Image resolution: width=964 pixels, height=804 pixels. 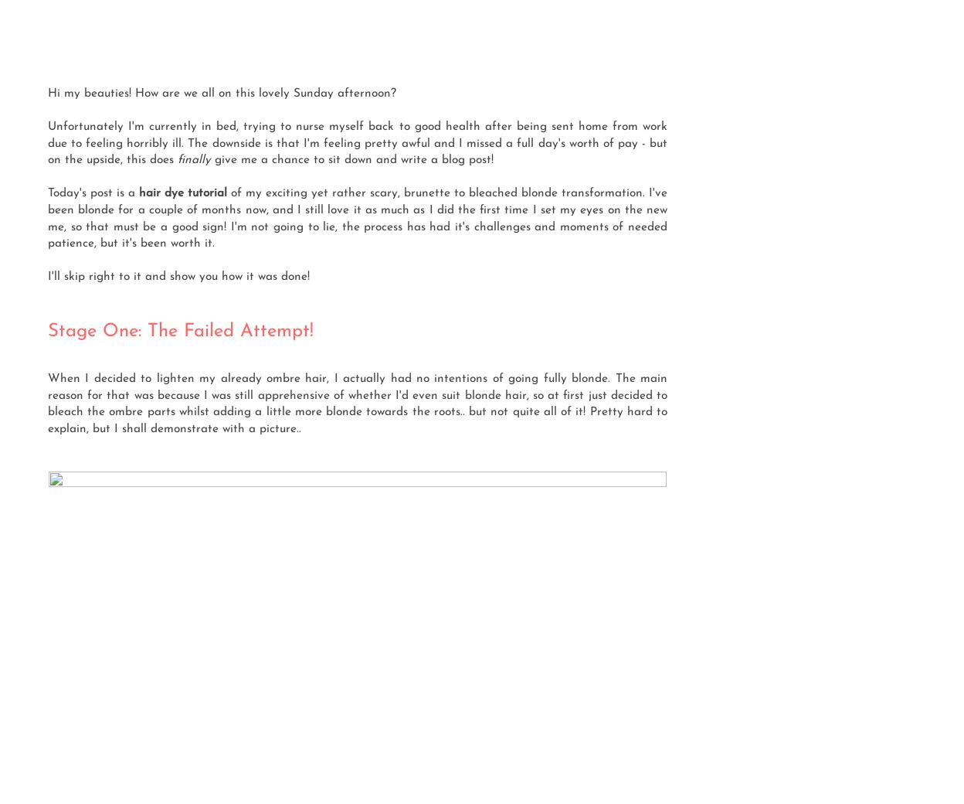 What do you see at coordinates (358, 143) in the screenshot?
I see `'Unfortunately I'm currently in bed, trying to nurse myself back to good health after being sent home from work due to feeling horribly ill. The downside is that I'm feeling pretty awful and I missed a full day's worth of pay - but on the upside, this does'` at bounding box center [358, 143].